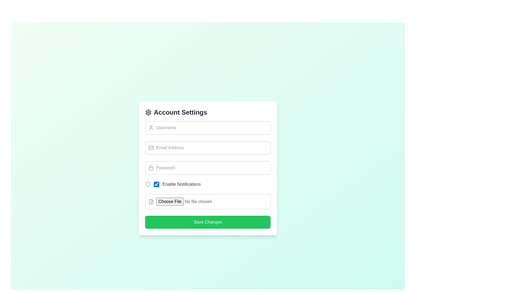 This screenshot has width=519, height=292. I want to click on the small, gray user icon located at the far left of the 'Username' text input field, which is rendered as an SVG with a circular head and torso outline, so click(151, 128).